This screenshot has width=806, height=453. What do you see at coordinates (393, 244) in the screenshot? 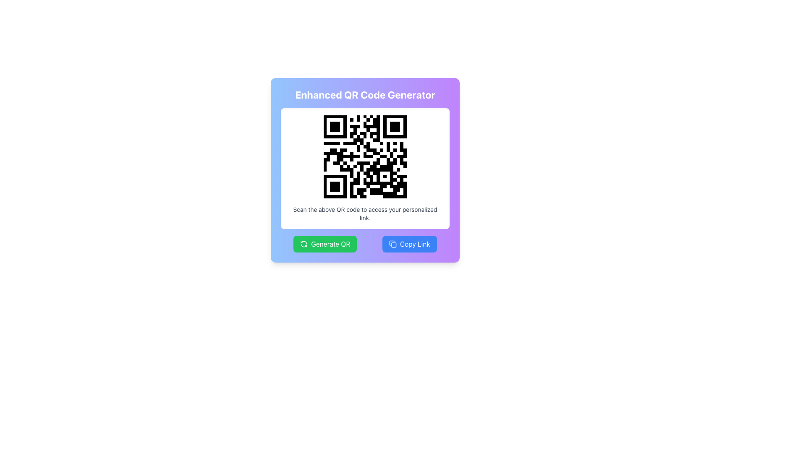
I see `the copy action icon within the 'Copy Link' button, which features two overlapping rectangular shapes and is styled with a blue background and white text` at bounding box center [393, 244].